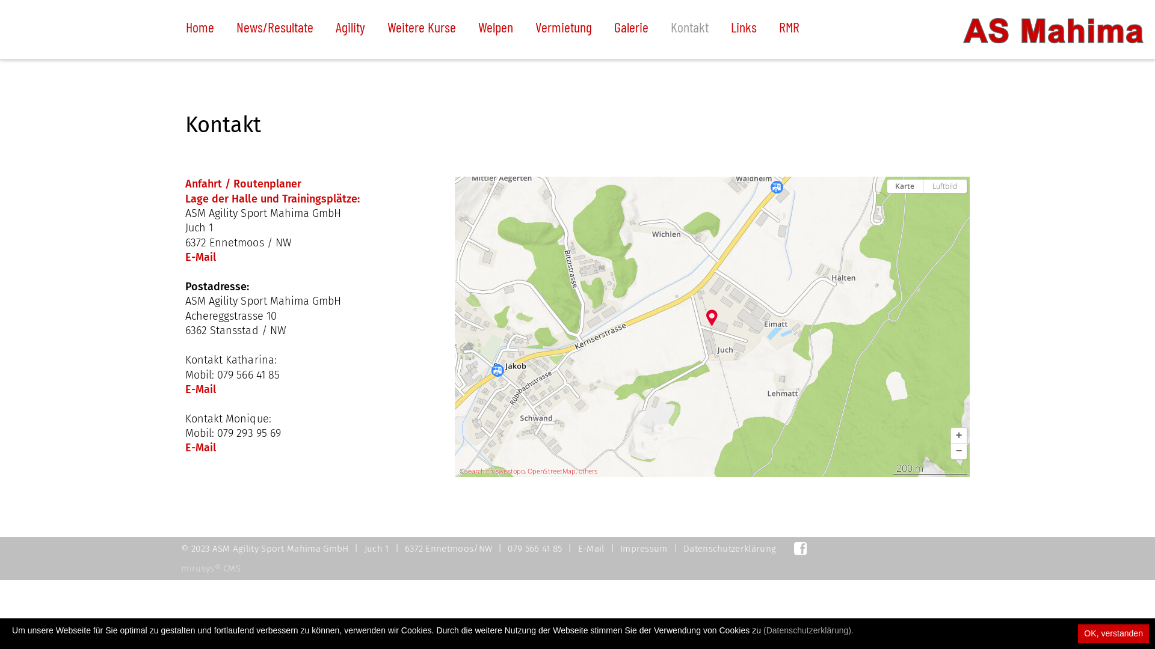 The image size is (1155, 649). I want to click on 'Luftbild', so click(923, 186).